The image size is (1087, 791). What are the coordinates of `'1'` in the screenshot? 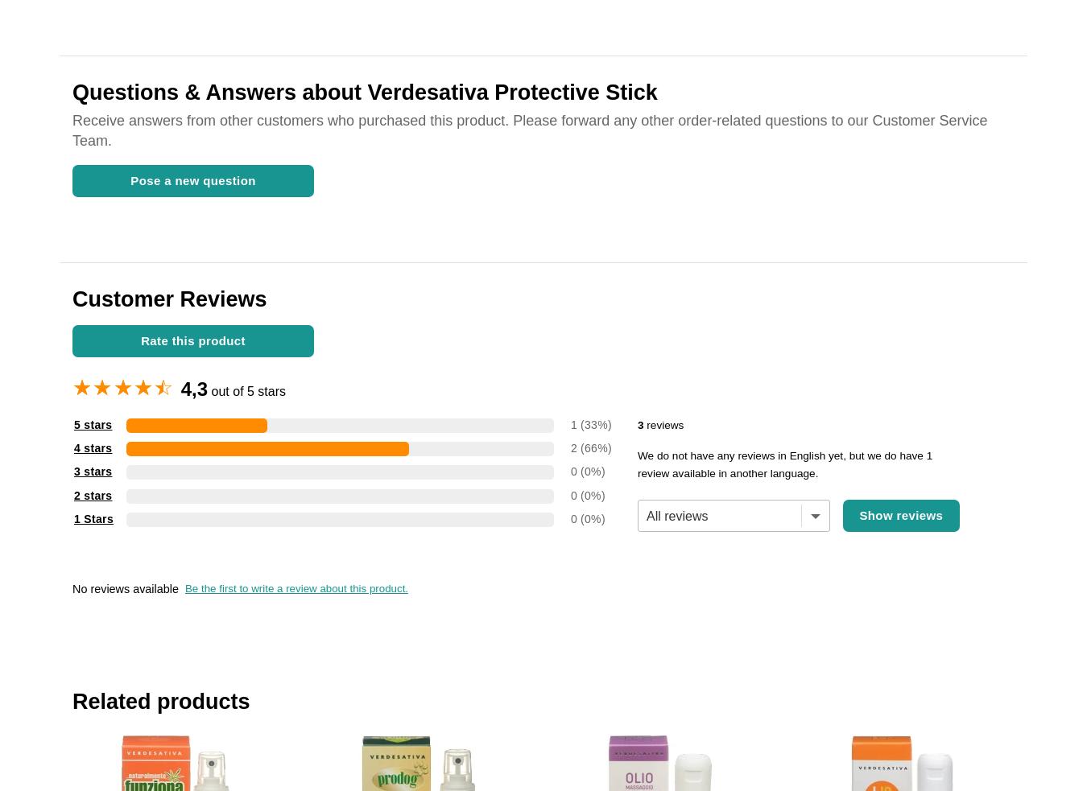 It's located at (568, 424).